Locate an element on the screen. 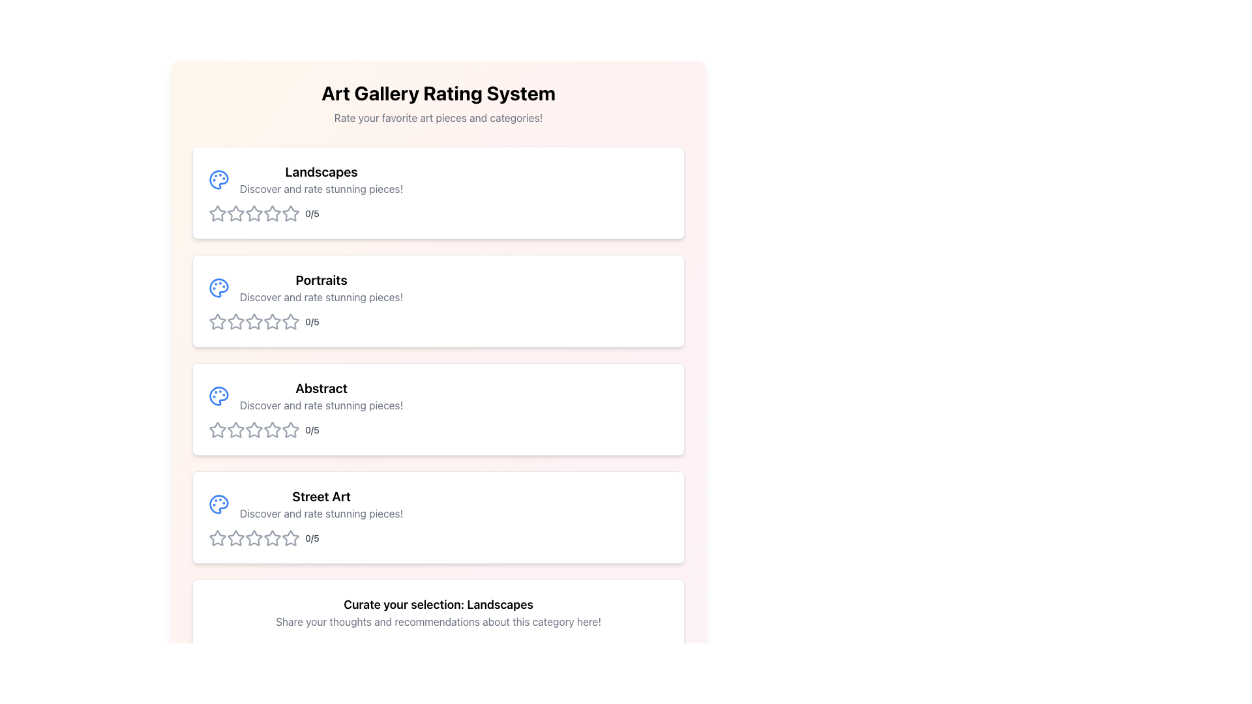 The image size is (1252, 704). the fifth star icon, which is part of the rating system under the 'Street Art' category is located at coordinates (290, 538).